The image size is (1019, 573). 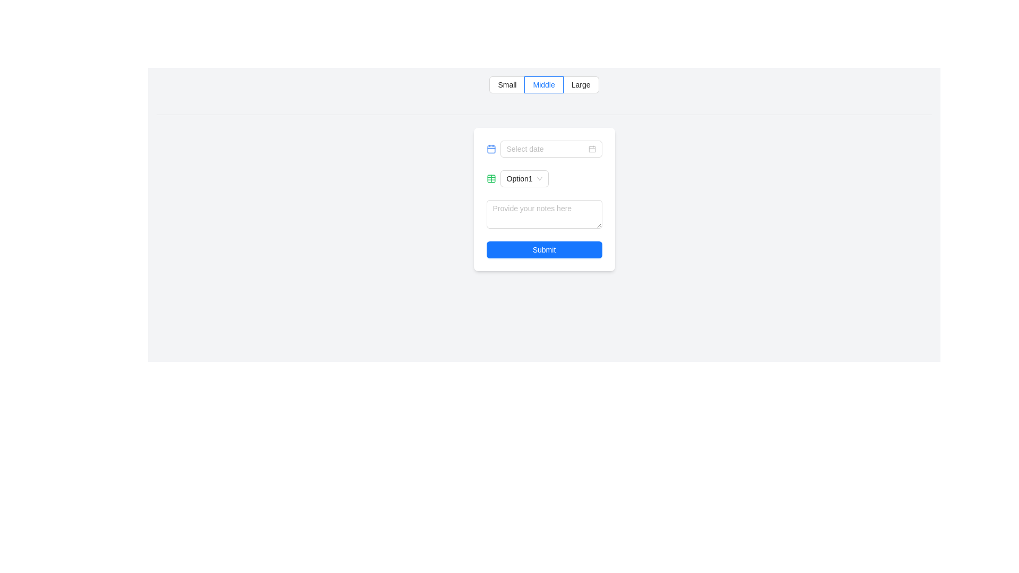 What do you see at coordinates (506, 84) in the screenshot?
I see `label text for the 'Small' radio button option, which is the leftmost label in the group of three radio buttons` at bounding box center [506, 84].